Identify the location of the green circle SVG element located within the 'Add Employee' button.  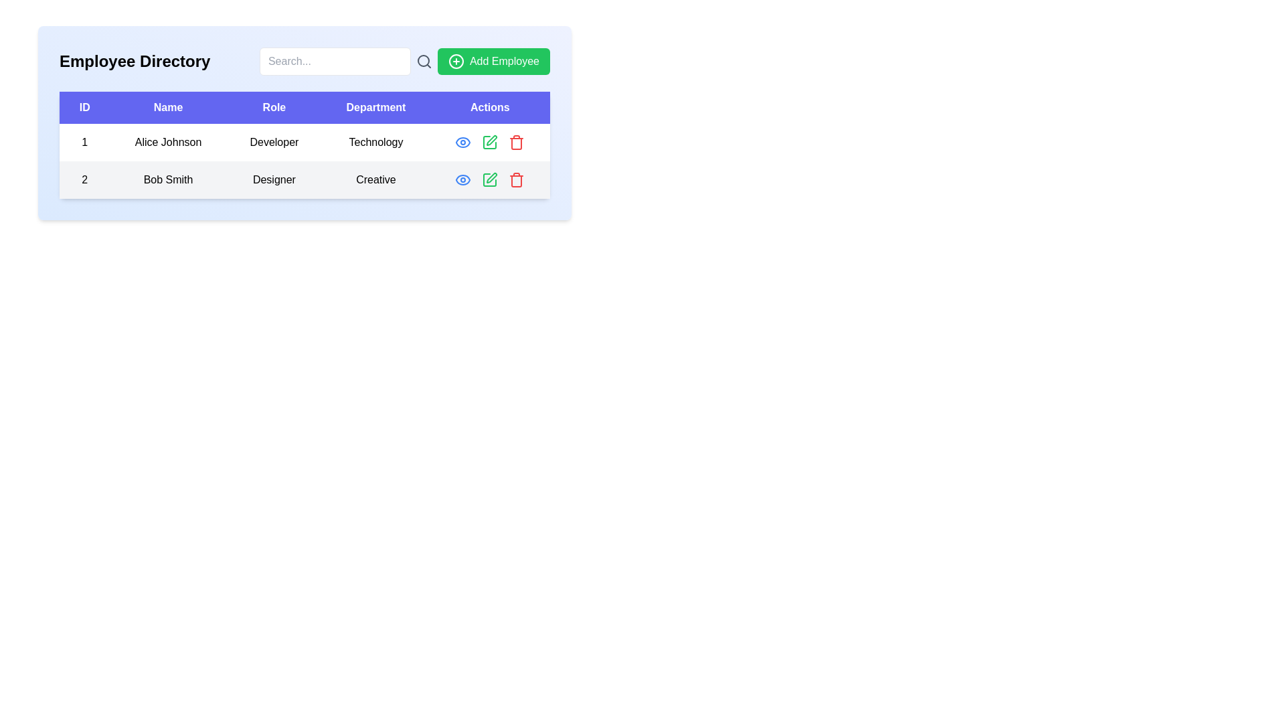
(456, 62).